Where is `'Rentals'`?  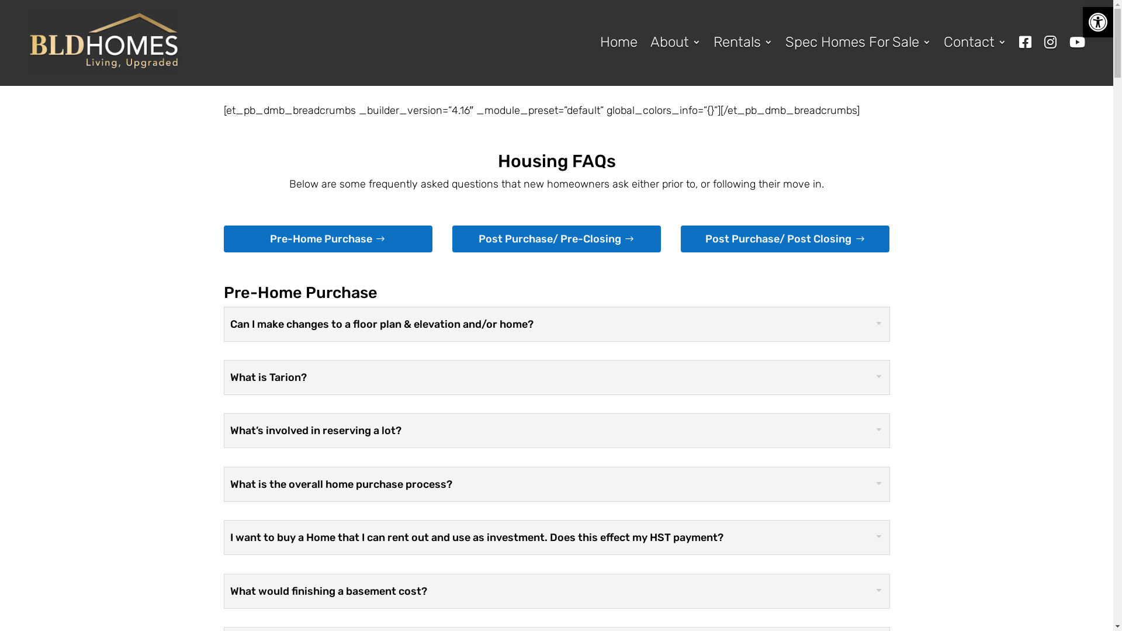 'Rentals' is located at coordinates (742, 41).